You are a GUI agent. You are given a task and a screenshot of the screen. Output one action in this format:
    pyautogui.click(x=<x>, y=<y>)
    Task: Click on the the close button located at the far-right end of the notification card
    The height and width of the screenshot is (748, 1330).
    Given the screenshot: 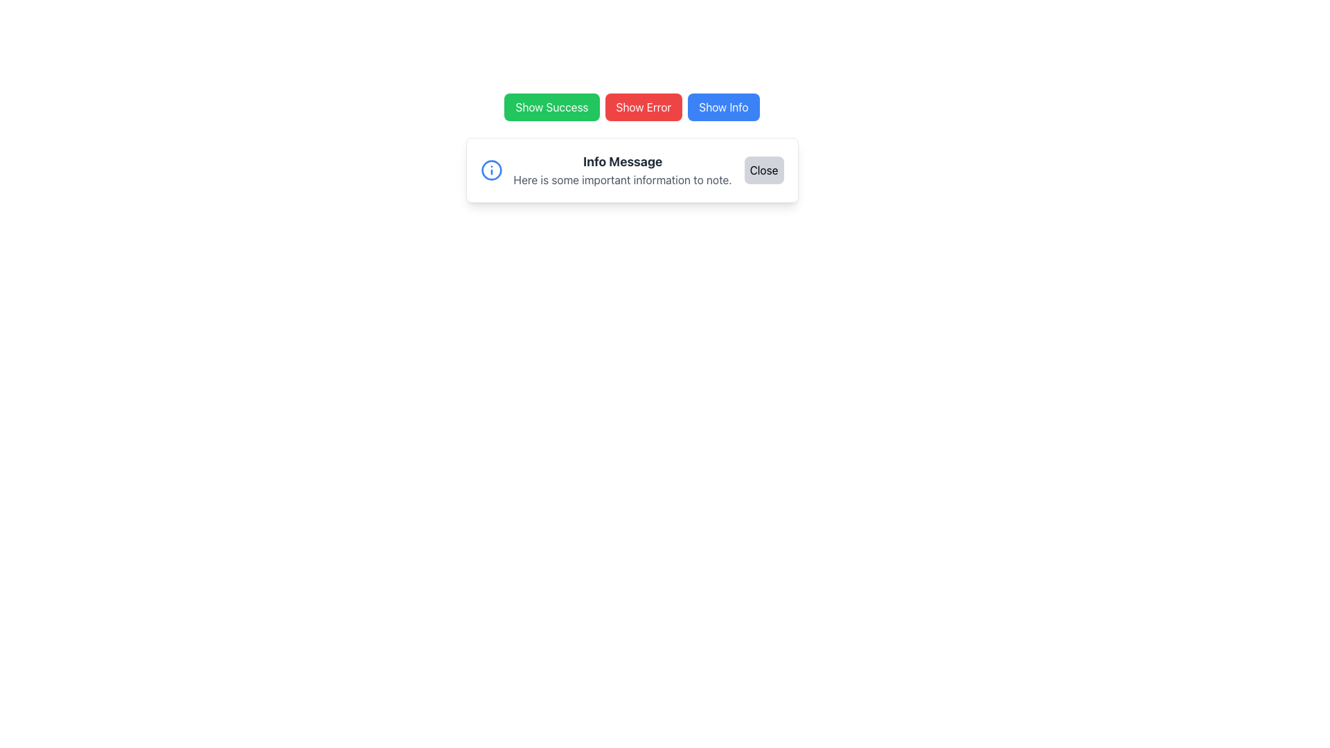 What is the action you would take?
    pyautogui.click(x=763, y=170)
    